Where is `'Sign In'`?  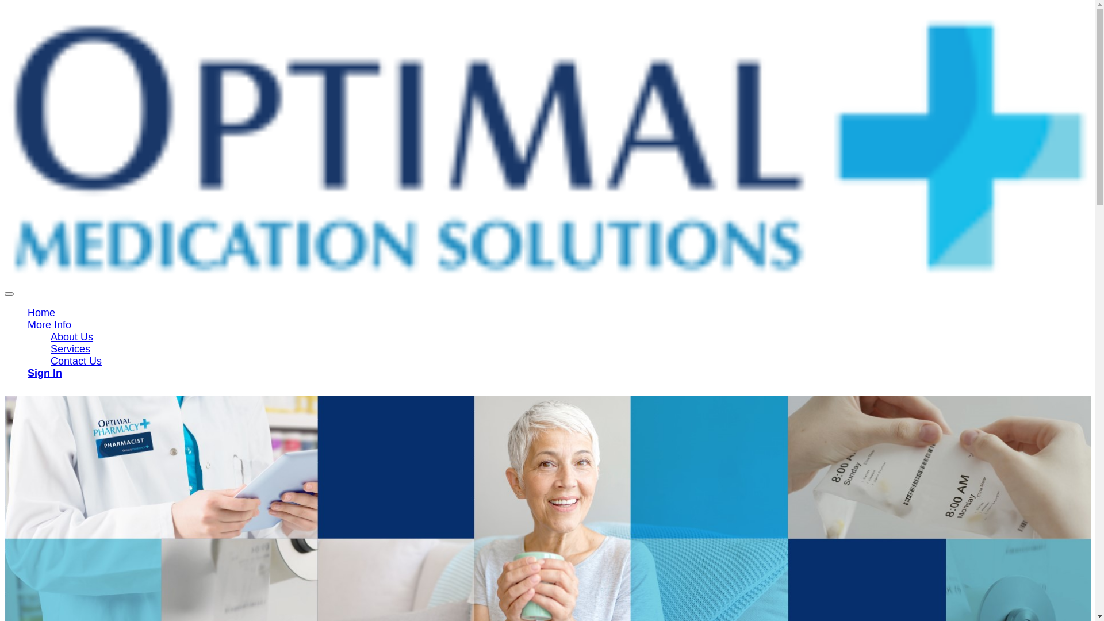 'Sign In' is located at coordinates (44, 373).